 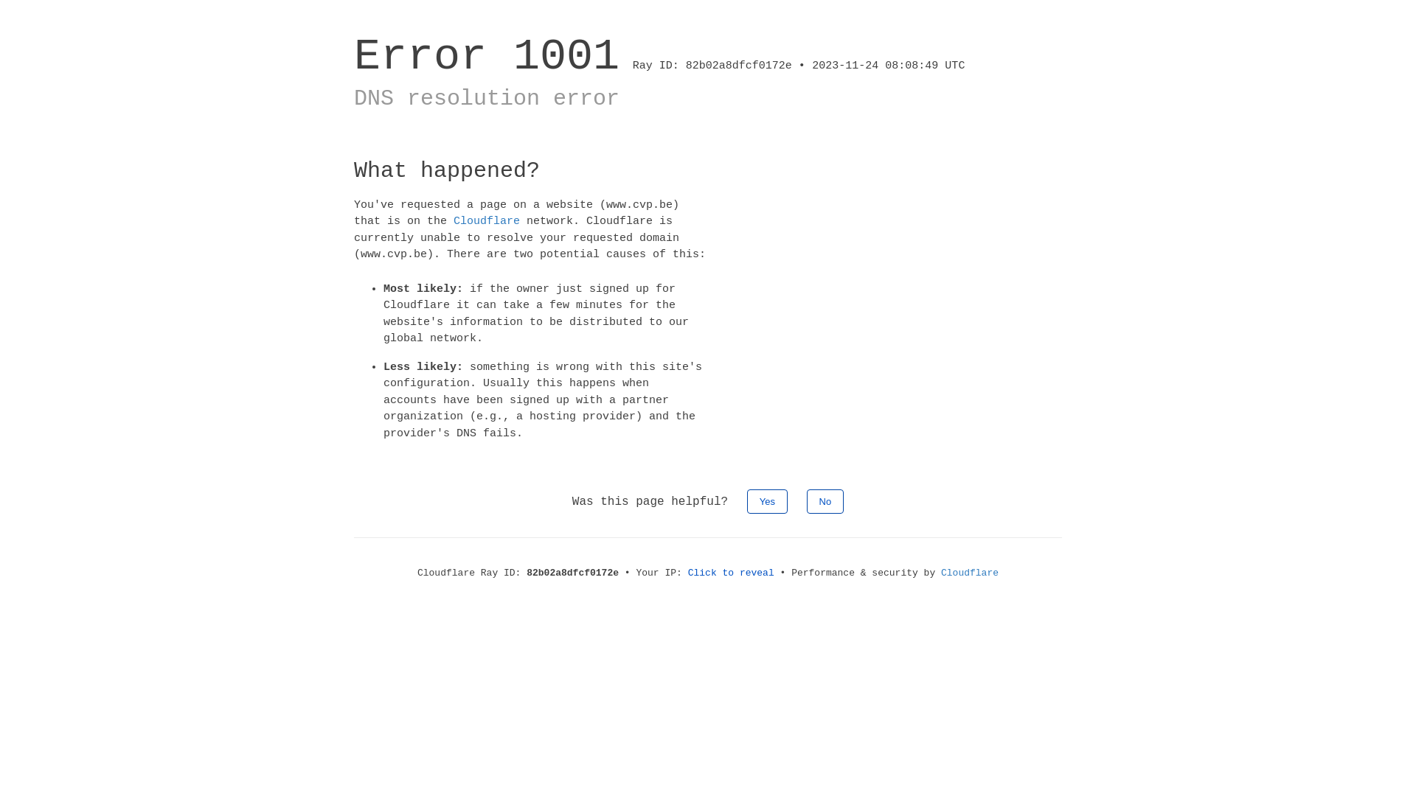 I want to click on 'Cloudflare', so click(x=940, y=572).